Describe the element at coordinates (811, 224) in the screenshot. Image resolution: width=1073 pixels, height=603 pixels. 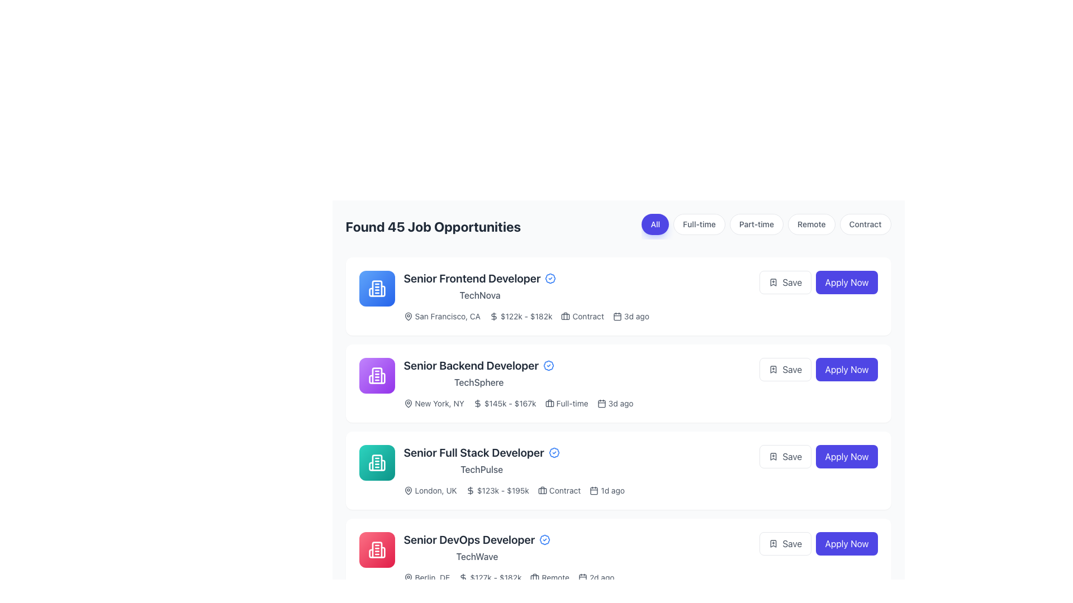
I see `the 'Remote' button, the fourth button in the row of job filters` at that location.